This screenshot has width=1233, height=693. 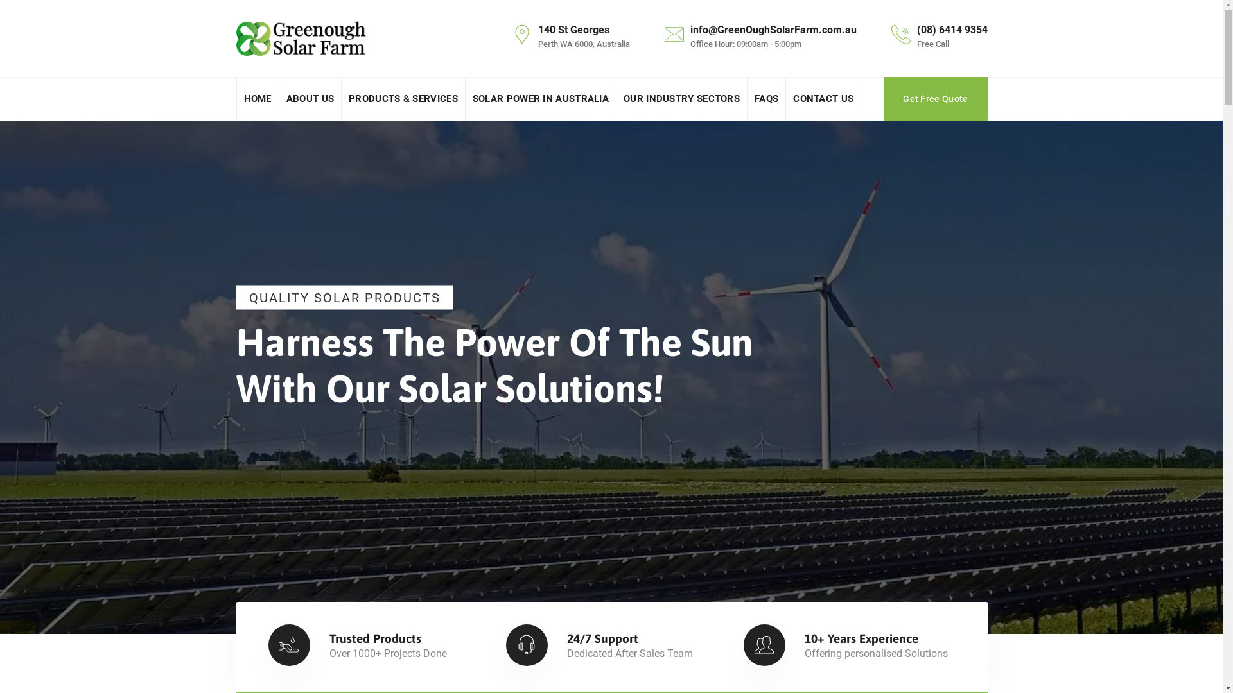 I want to click on 'HOME', so click(x=257, y=98).